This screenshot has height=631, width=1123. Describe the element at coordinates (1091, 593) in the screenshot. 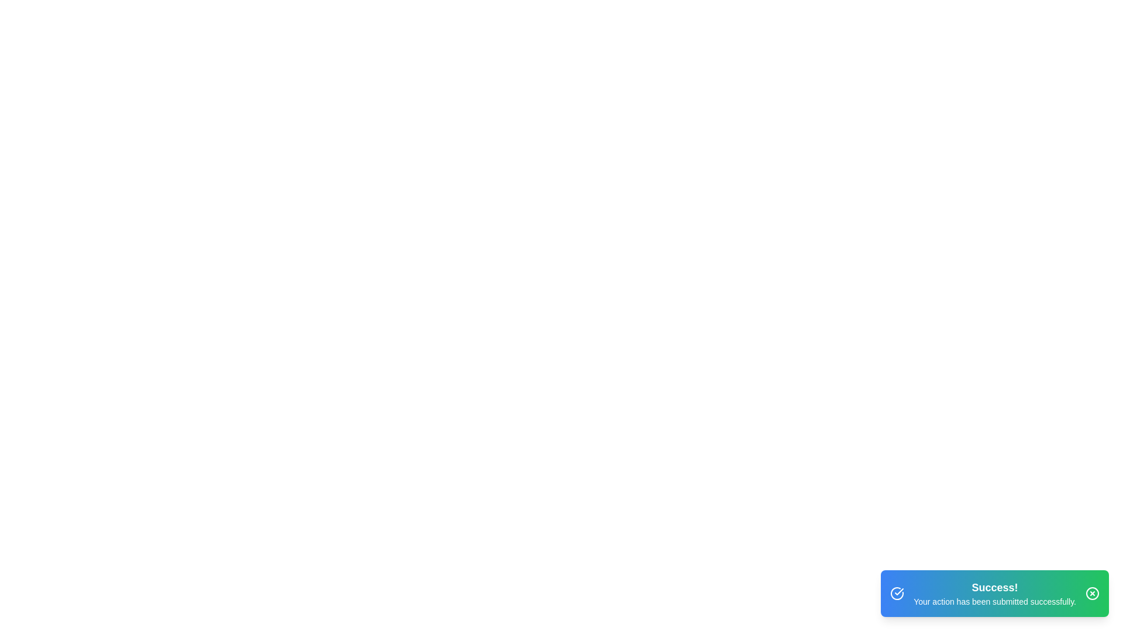

I see `the close button to dismiss the notification` at that location.